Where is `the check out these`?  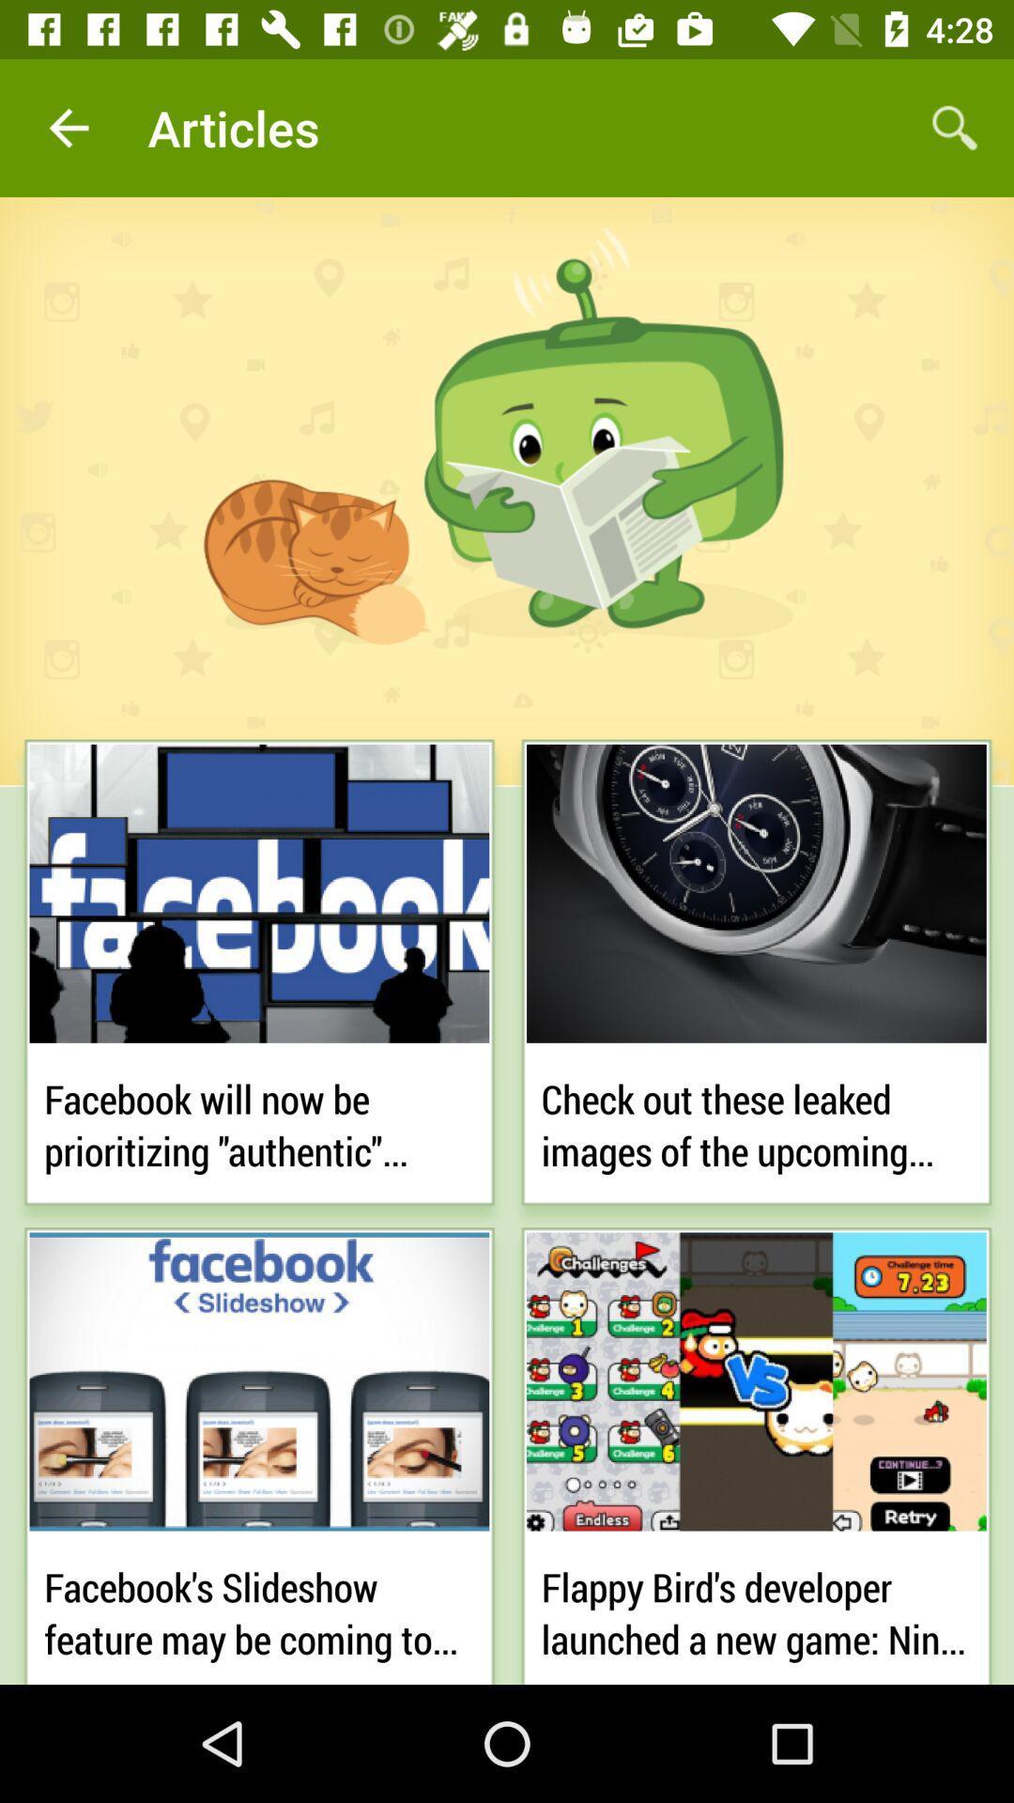 the check out these is located at coordinates (755, 1121).